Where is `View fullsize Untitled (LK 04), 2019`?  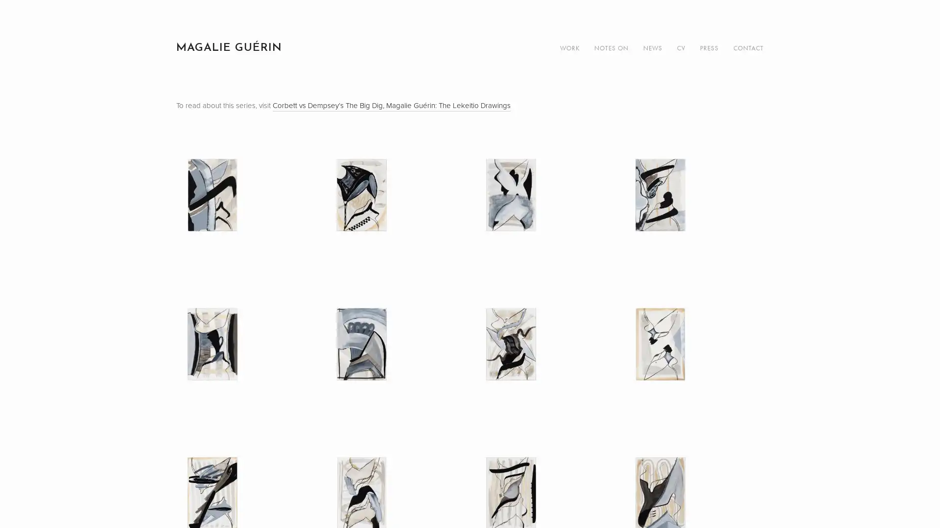
View fullsize Untitled (LK 04), 2019 is located at coordinates (693, 228).